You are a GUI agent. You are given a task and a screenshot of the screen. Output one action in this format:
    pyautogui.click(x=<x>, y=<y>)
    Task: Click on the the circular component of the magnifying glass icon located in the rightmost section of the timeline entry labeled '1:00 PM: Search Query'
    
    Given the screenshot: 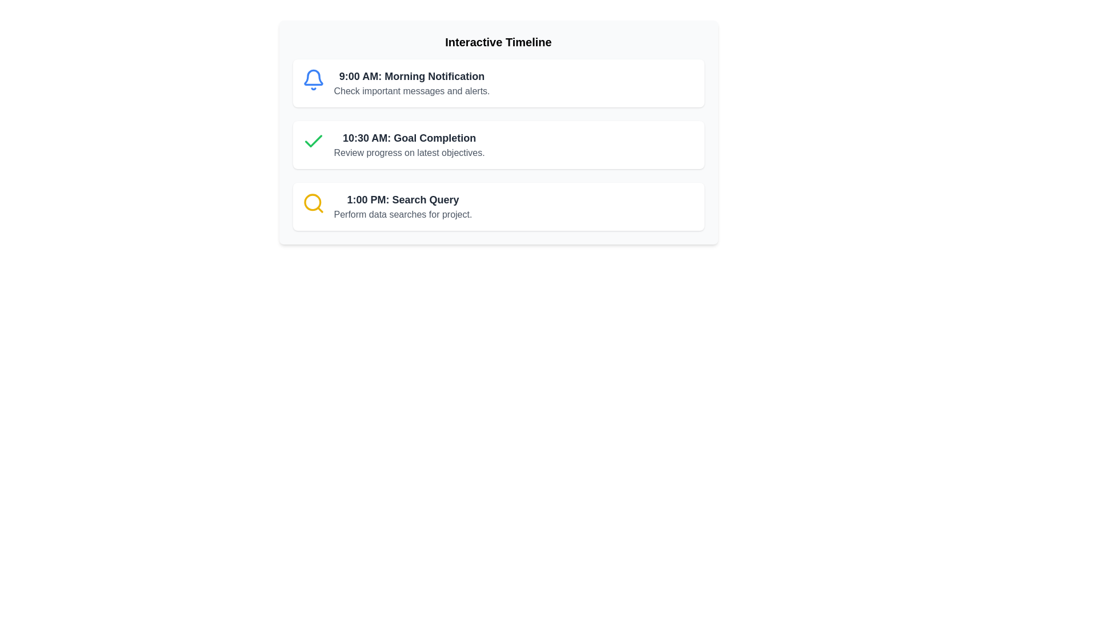 What is the action you would take?
    pyautogui.click(x=312, y=202)
    